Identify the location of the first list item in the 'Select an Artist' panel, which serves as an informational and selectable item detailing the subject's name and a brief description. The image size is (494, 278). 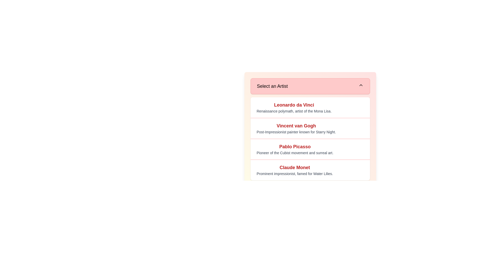
(310, 107).